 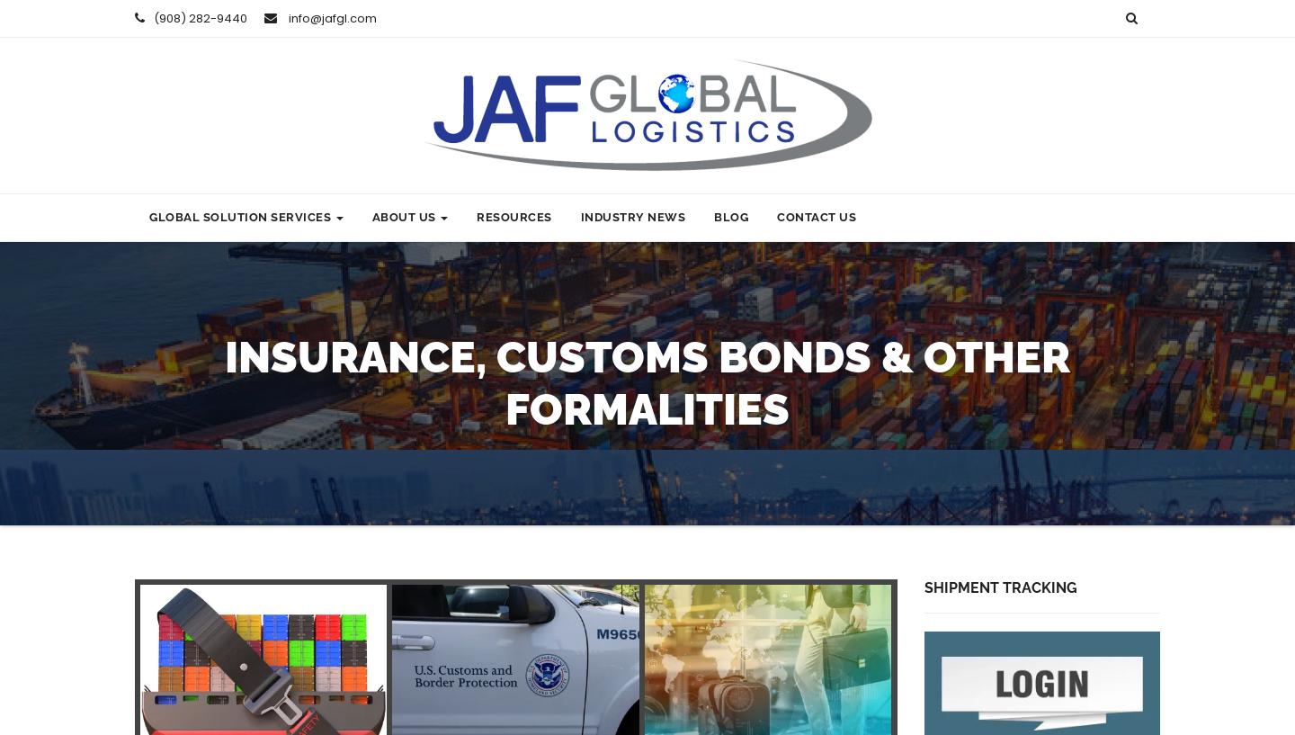 I want to click on 'Shipment Tracking', so click(x=998, y=587).